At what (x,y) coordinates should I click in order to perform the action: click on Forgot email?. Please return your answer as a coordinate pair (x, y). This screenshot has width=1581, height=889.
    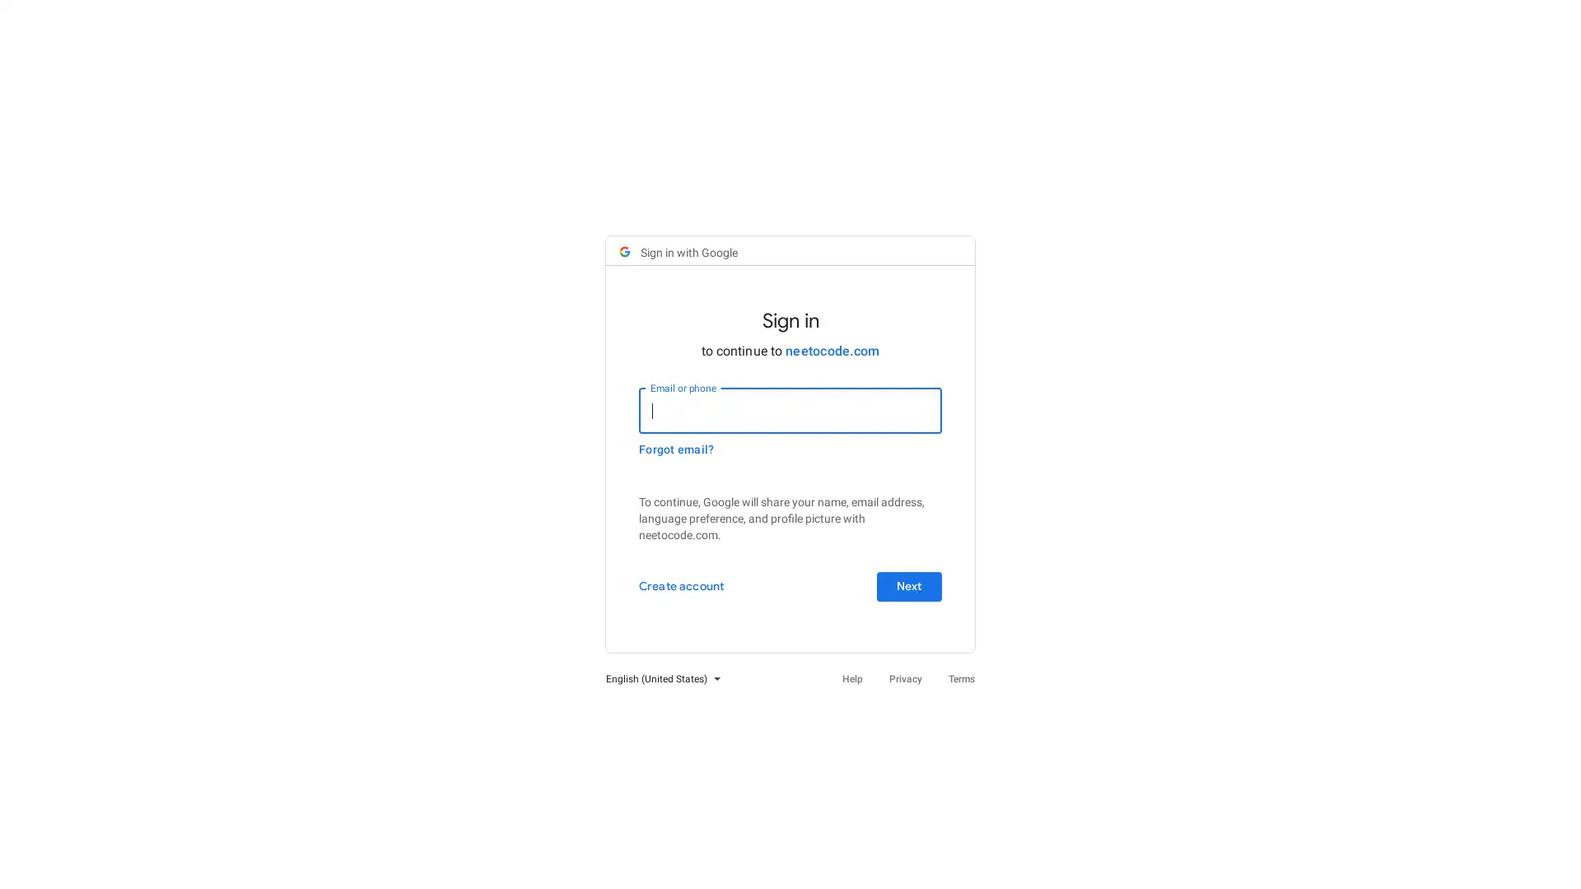
    Looking at the image, I should click on (676, 449).